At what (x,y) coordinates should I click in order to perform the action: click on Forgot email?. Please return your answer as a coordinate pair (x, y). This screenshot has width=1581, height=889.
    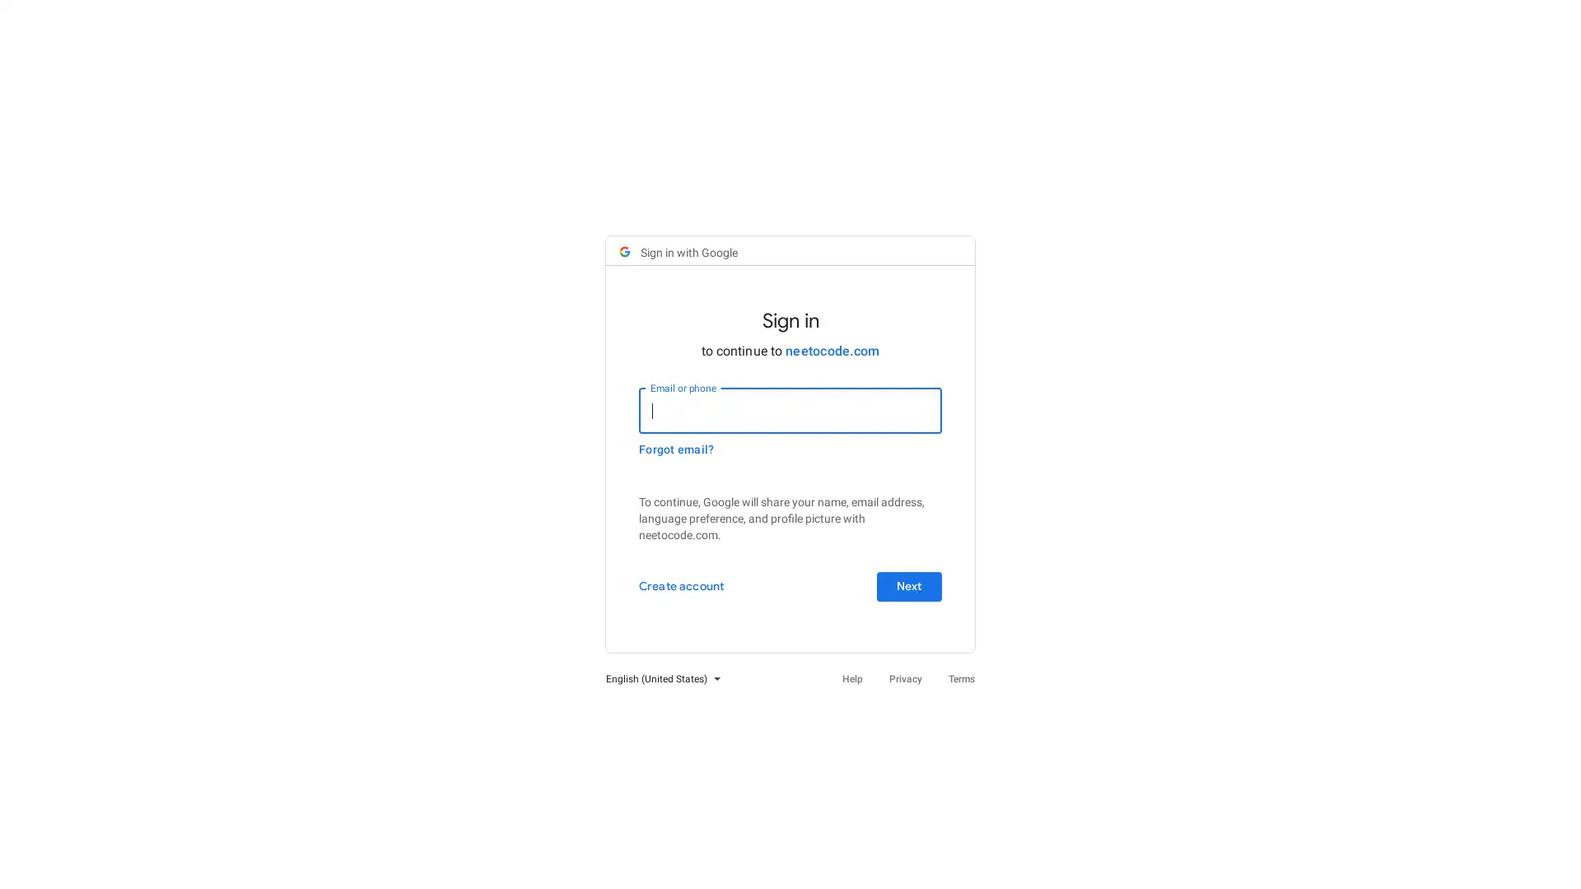
    Looking at the image, I should click on (676, 449).